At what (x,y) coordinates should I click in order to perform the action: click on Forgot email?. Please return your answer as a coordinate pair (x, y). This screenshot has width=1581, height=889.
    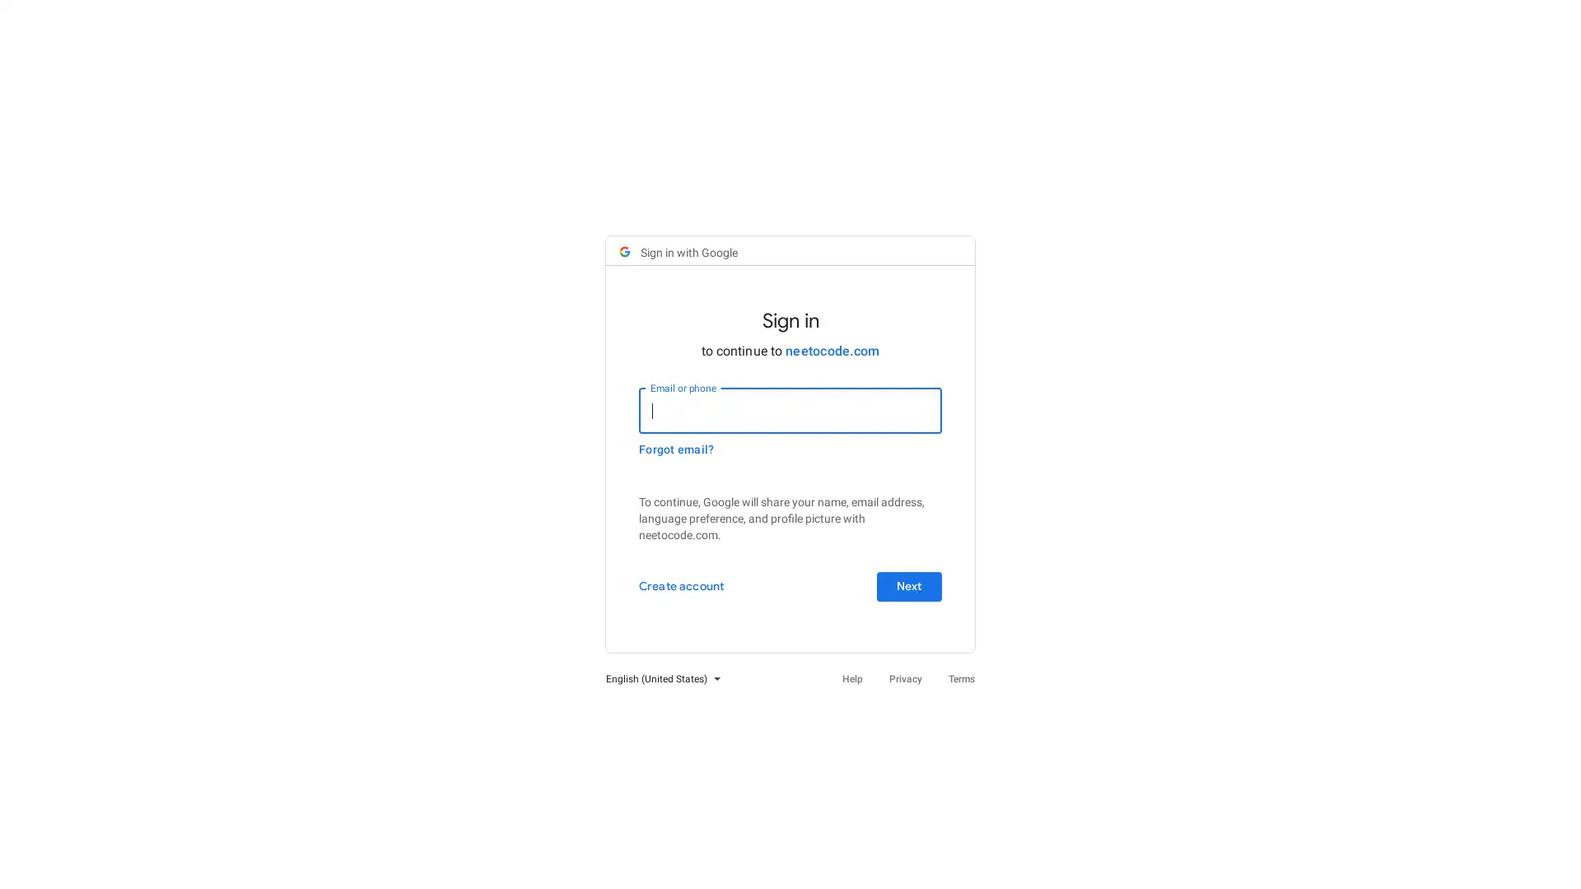
    Looking at the image, I should click on (676, 449).